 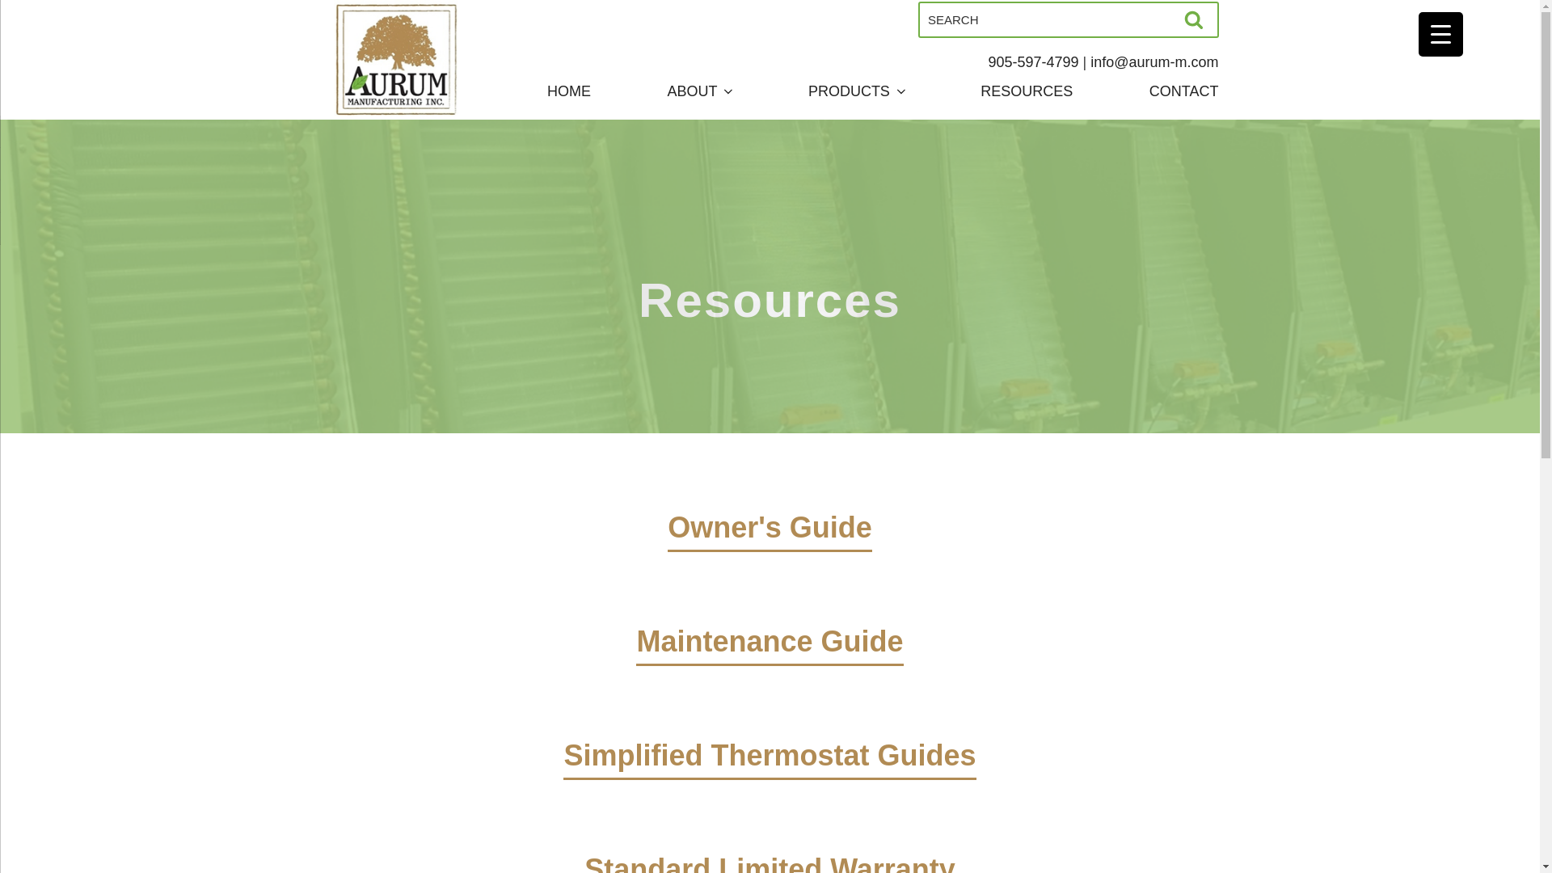 I want to click on 'CONTACT', so click(x=1148, y=91).